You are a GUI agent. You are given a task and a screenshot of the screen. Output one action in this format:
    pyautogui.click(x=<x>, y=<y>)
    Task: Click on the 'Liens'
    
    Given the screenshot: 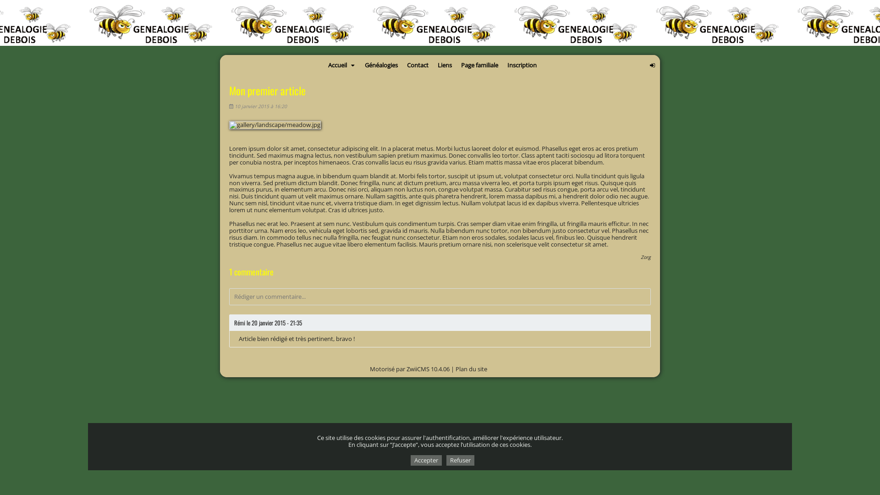 What is the action you would take?
    pyautogui.click(x=445, y=65)
    